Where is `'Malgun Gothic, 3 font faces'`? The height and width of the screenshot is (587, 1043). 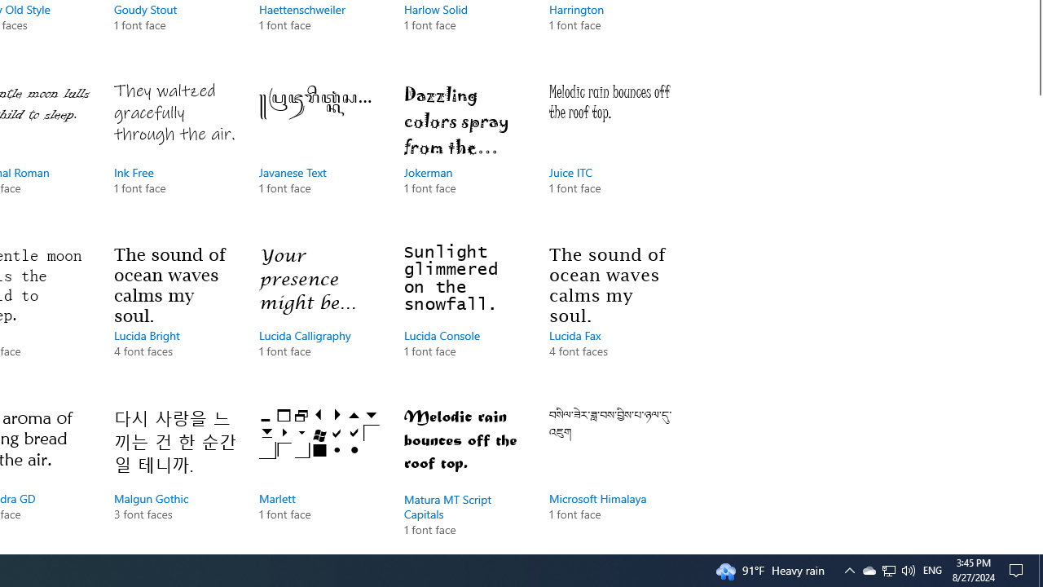 'Malgun Gothic, 3 font faces' is located at coordinates (175, 477).